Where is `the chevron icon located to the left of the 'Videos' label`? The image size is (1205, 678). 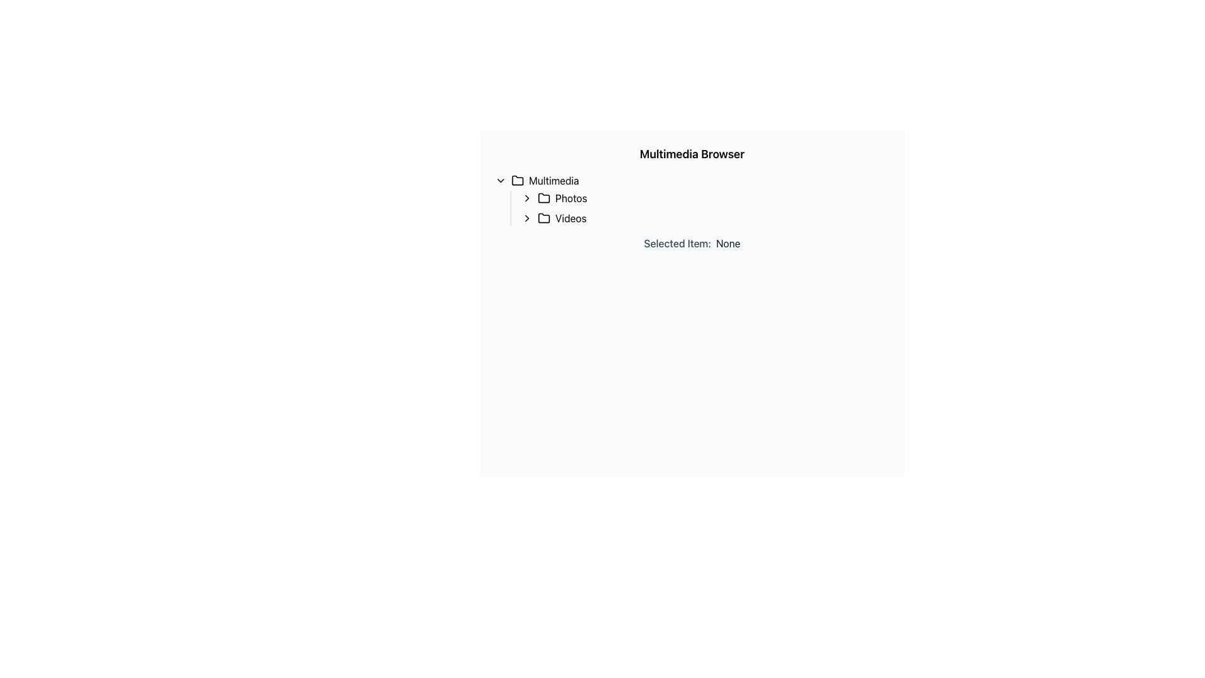 the chevron icon located to the left of the 'Videos' label is located at coordinates (527, 217).